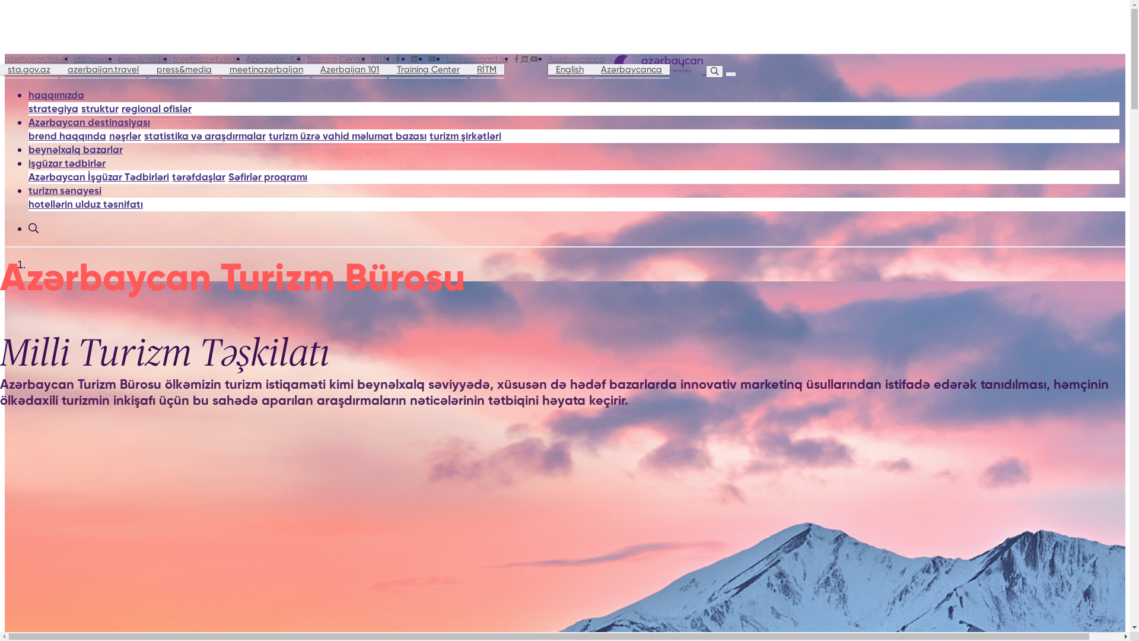 The image size is (1139, 641). I want to click on 'English', so click(569, 69).